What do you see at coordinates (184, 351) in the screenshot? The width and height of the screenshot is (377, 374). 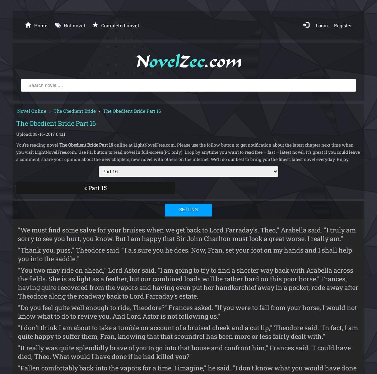 I see `'"It really was quite splendidly brave of you to go into that house and confront him," Frances said. "I could have died, Theo. What would I have done if he had killed you?"'` at bounding box center [184, 351].